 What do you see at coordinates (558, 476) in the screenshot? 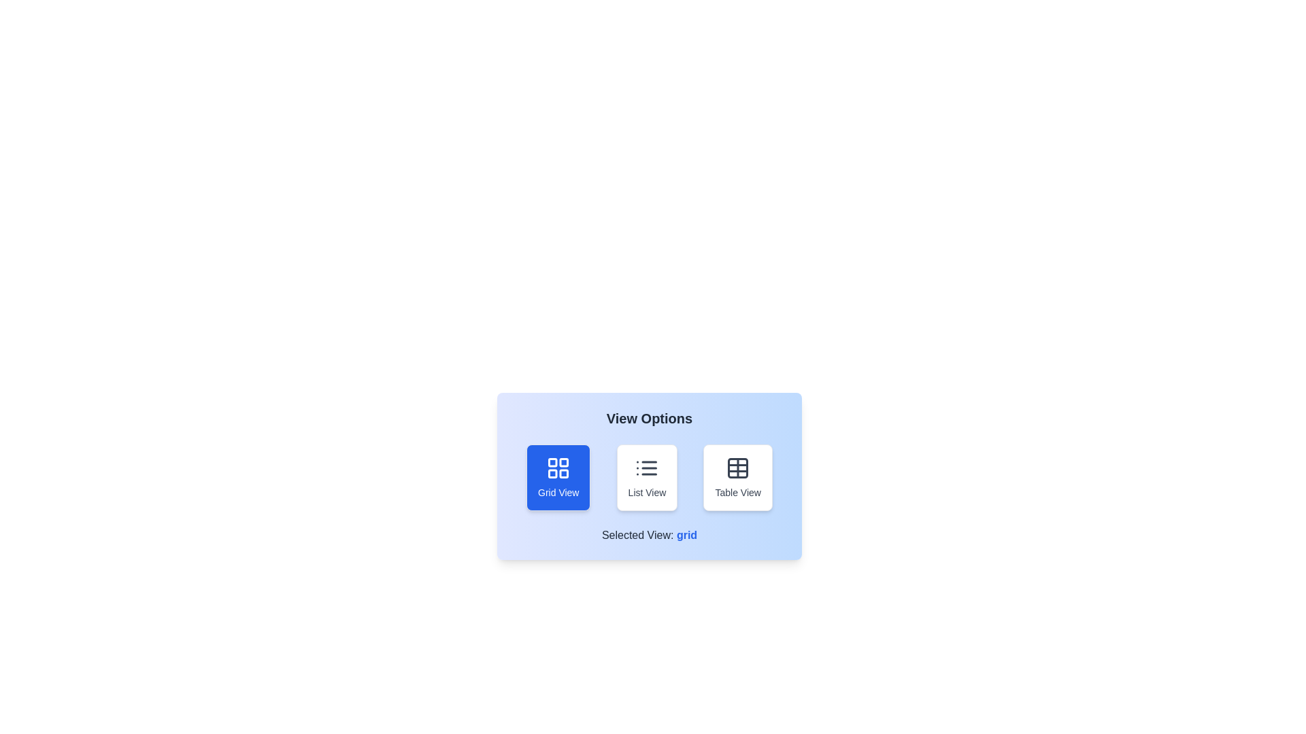
I see `the button corresponding to the view type 'Grid View' to select it` at bounding box center [558, 476].